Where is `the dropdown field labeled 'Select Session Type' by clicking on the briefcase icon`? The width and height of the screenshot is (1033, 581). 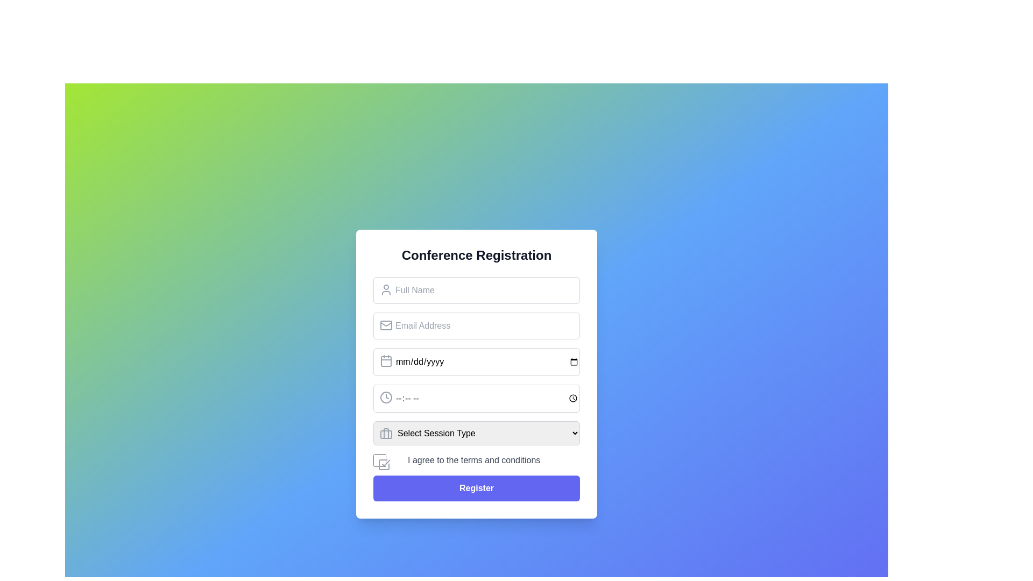
the dropdown field labeled 'Select Session Type' by clicking on the briefcase icon is located at coordinates (386, 433).